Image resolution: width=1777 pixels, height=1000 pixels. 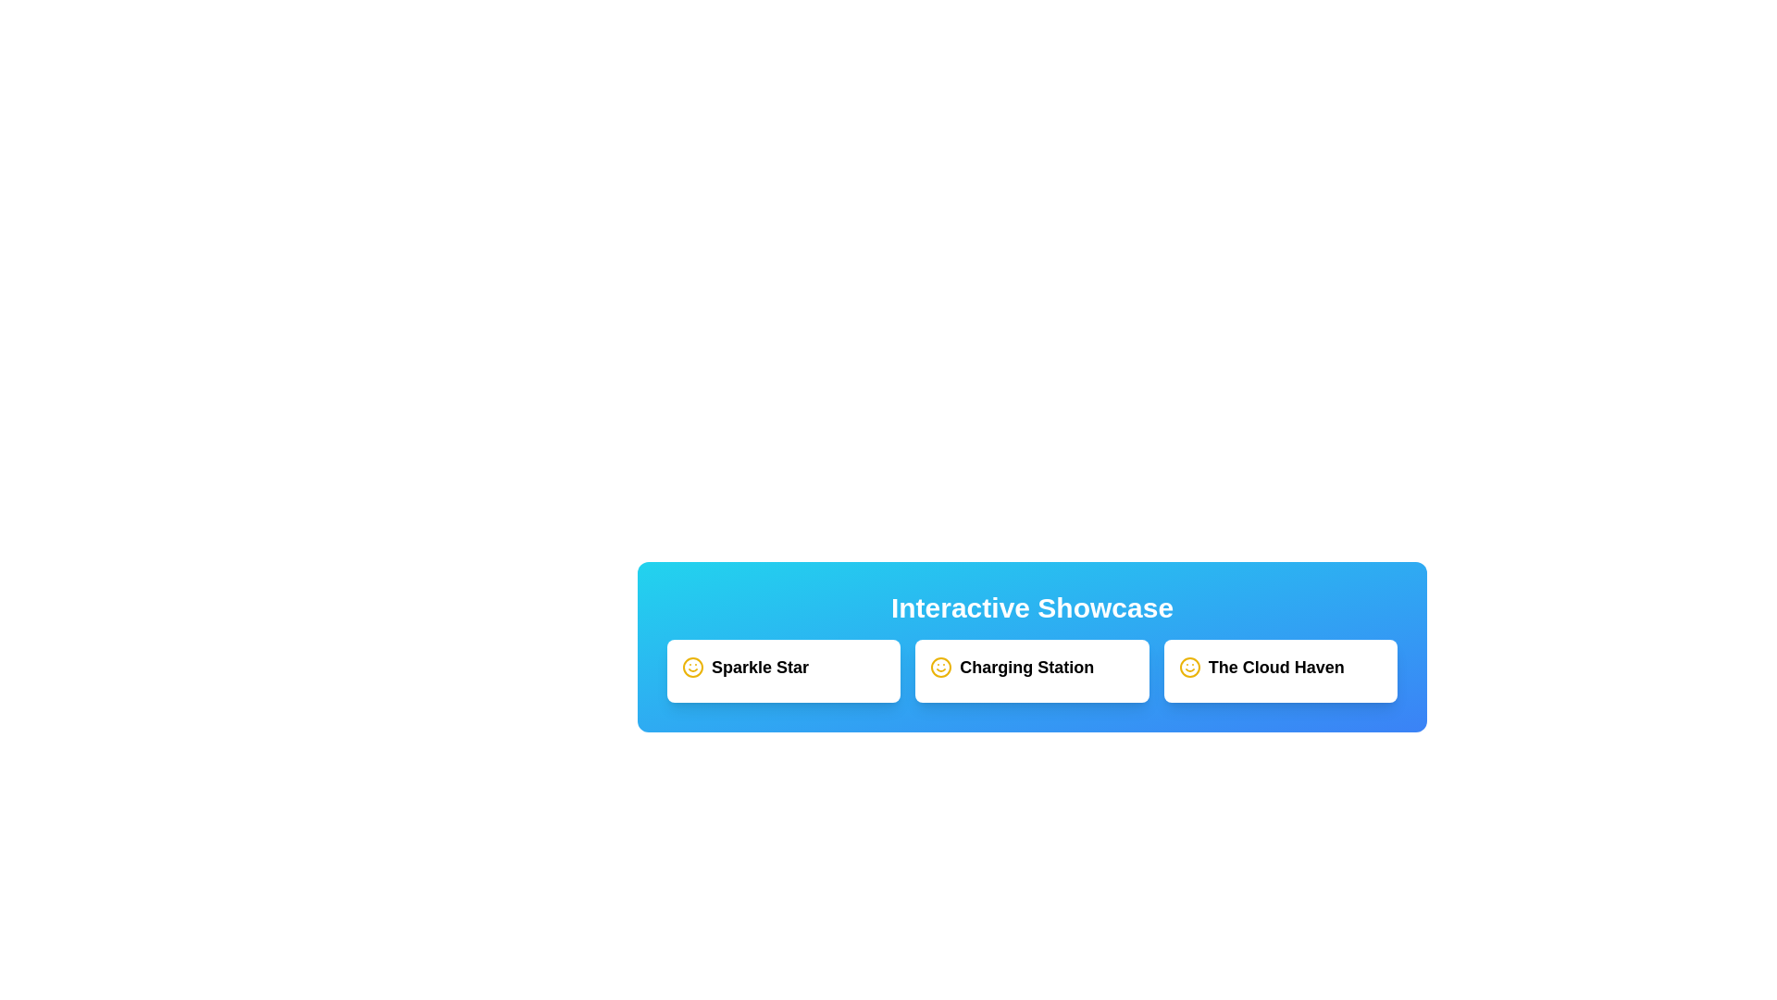 I want to click on the smiley icon inside the circular boundary located to the left of the 'Sparkle Star' button, so click(x=691, y=668).